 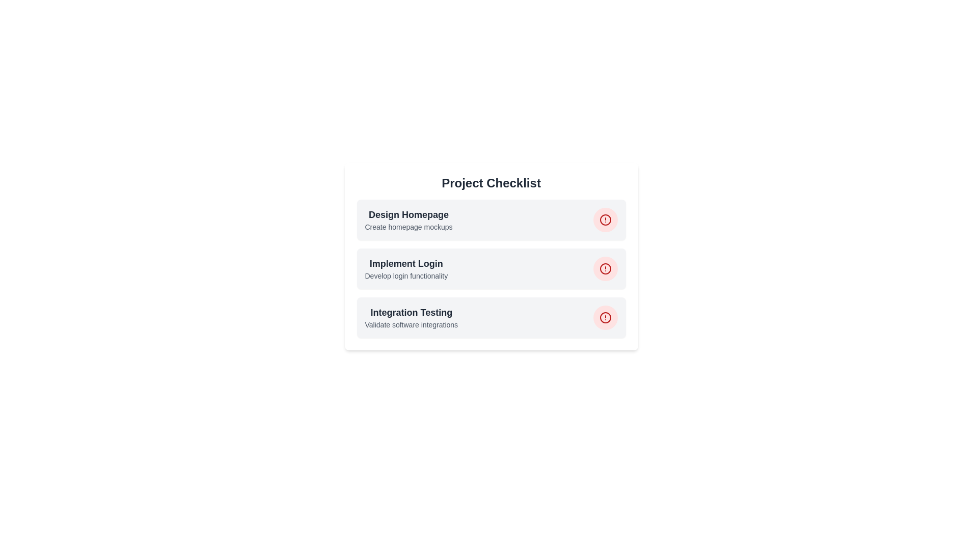 I want to click on content displayed in the descriptive subtitle located directly below the heading 'Implement Login' in the second item of the vertical list, so click(x=405, y=276).